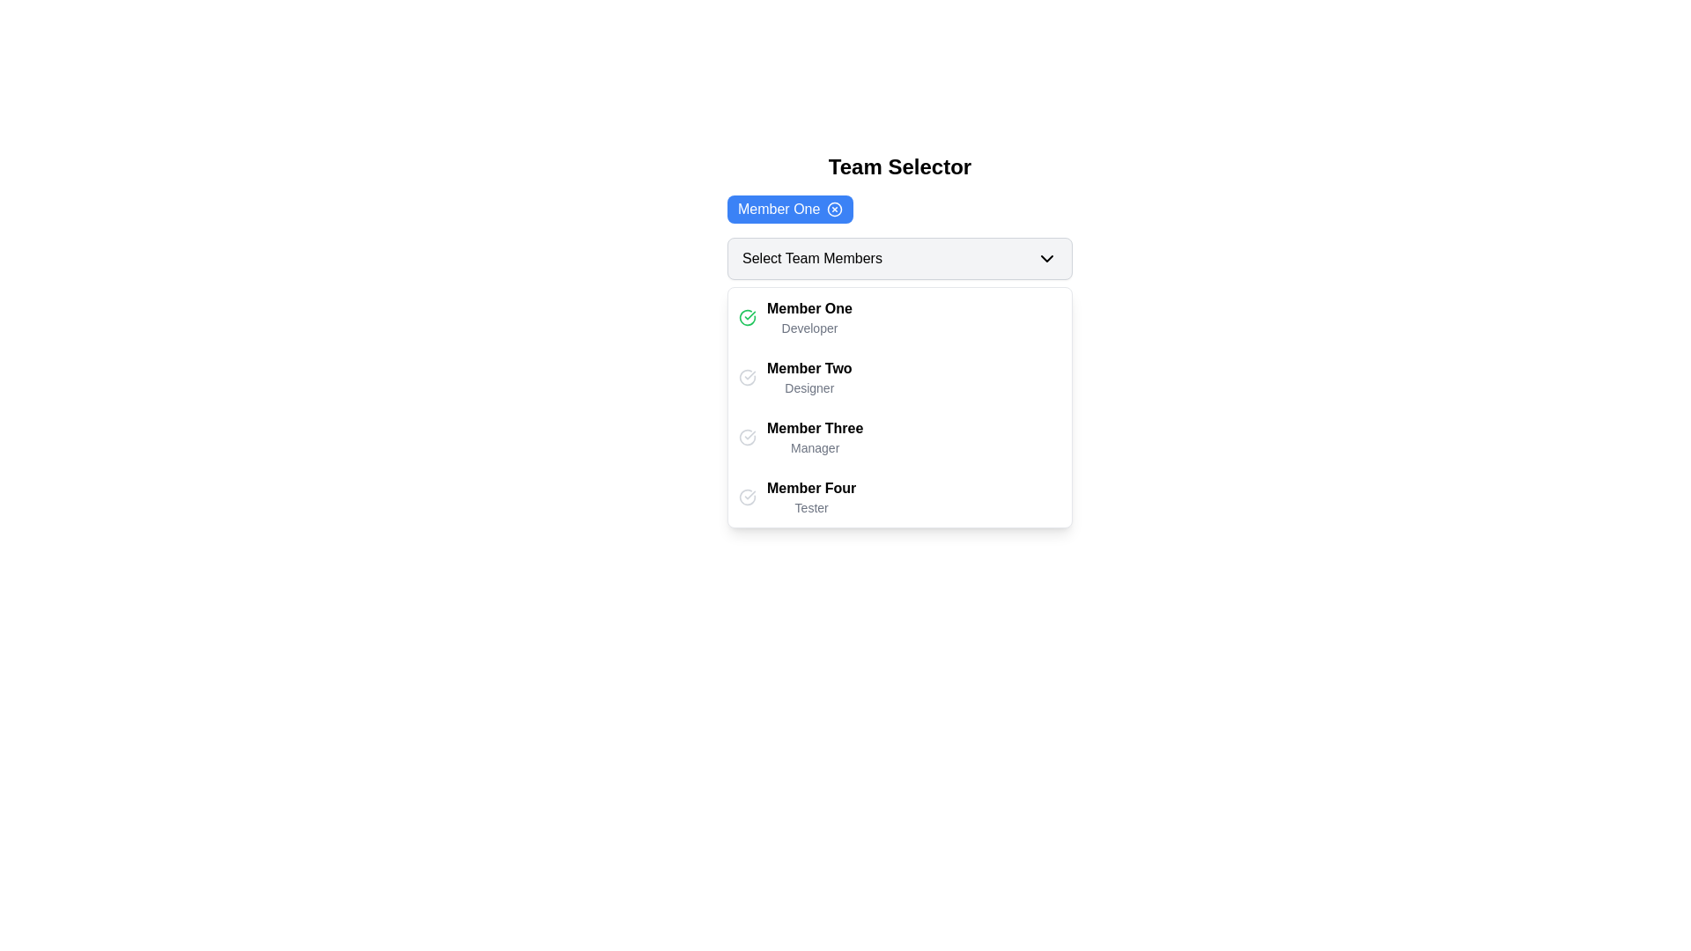  What do you see at coordinates (900, 407) in the screenshot?
I see `the third list entry in the 'Select Team Members' box` at bounding box center [900, 407].